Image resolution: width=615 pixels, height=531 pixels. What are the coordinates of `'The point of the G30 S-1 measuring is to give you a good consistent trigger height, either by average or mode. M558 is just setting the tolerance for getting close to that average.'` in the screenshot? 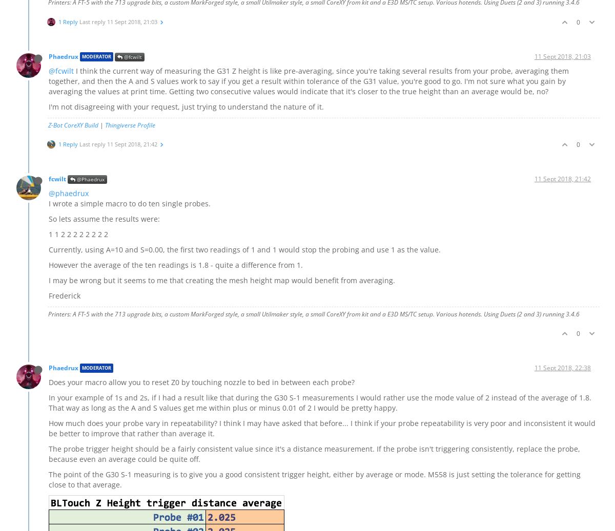 It's located at (315, 479).